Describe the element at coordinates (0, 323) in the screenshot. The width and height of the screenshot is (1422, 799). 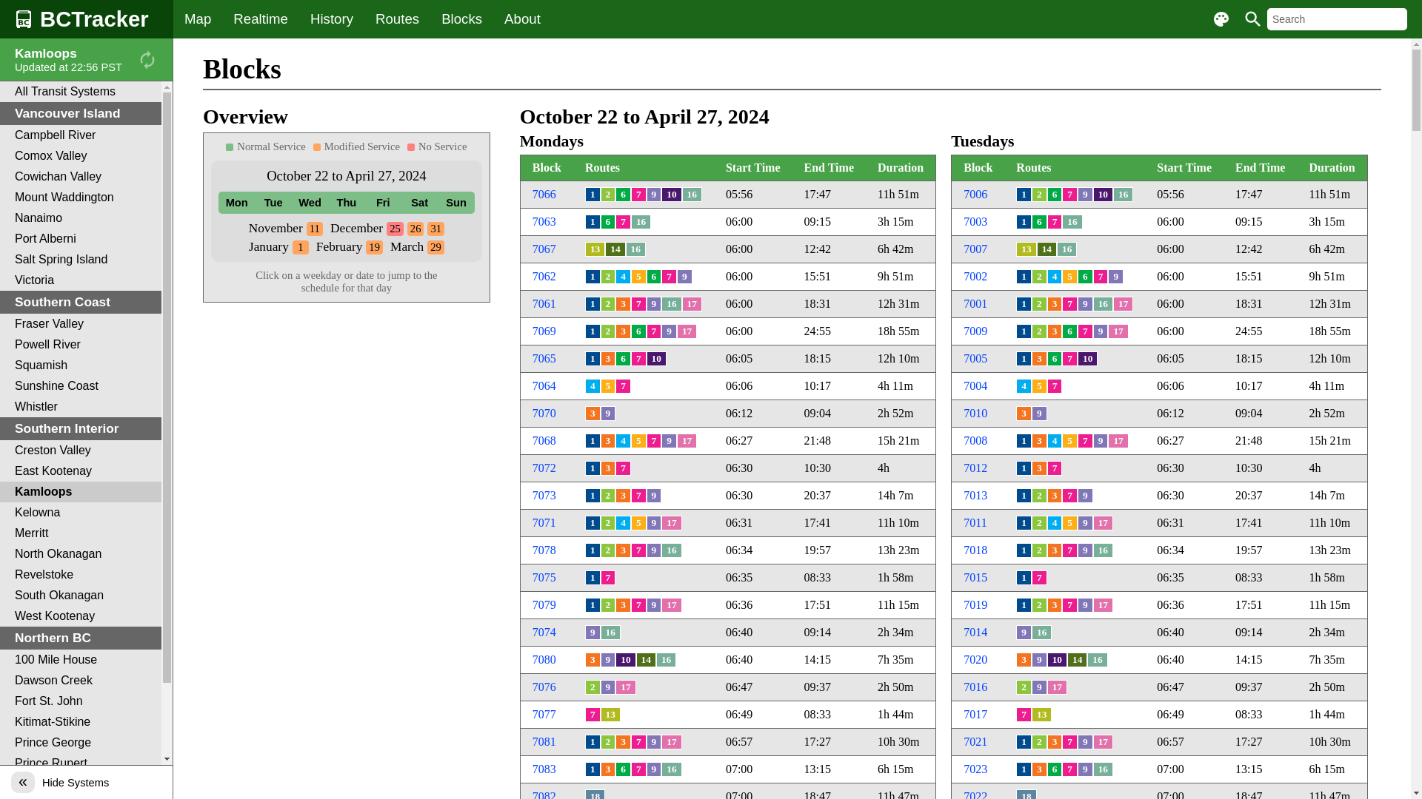
I see `'Fraser Valley'` at that location.